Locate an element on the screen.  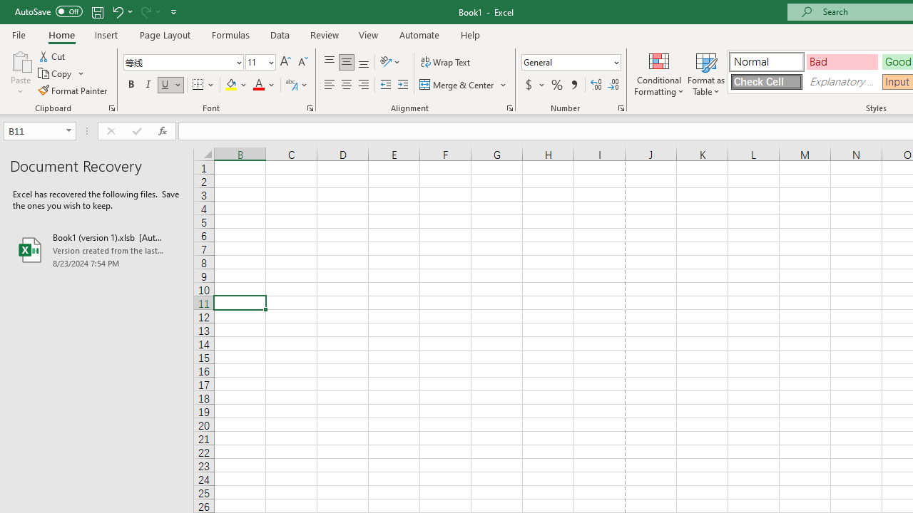
'Bottom Align' is located at coordinates (364, 61).